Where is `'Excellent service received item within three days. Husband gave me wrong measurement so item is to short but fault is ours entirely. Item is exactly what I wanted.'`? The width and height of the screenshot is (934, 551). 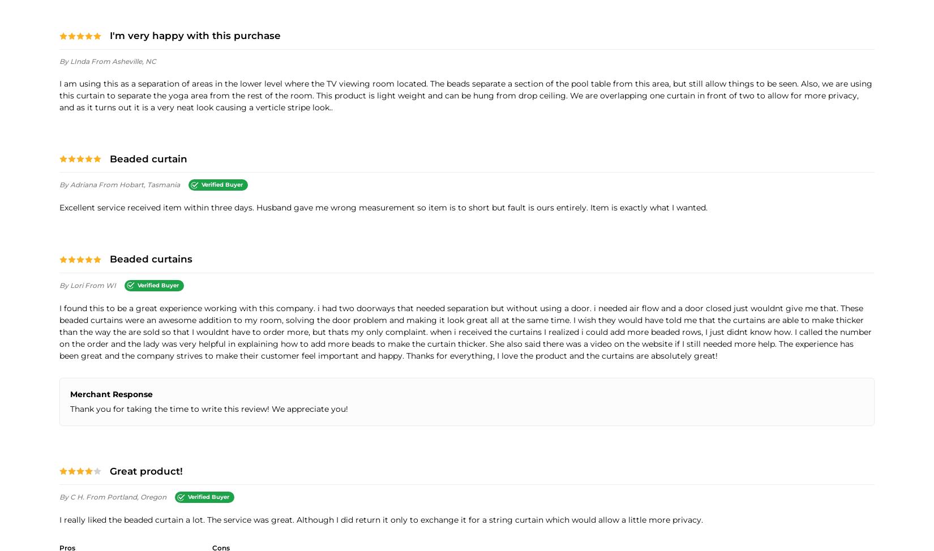 'Excellent service received item within three days. Husband gave me wrong measurement so item is to short but fault is ours entirely. Item is exactly what I wanted.' is located at coordinates (383, 208).